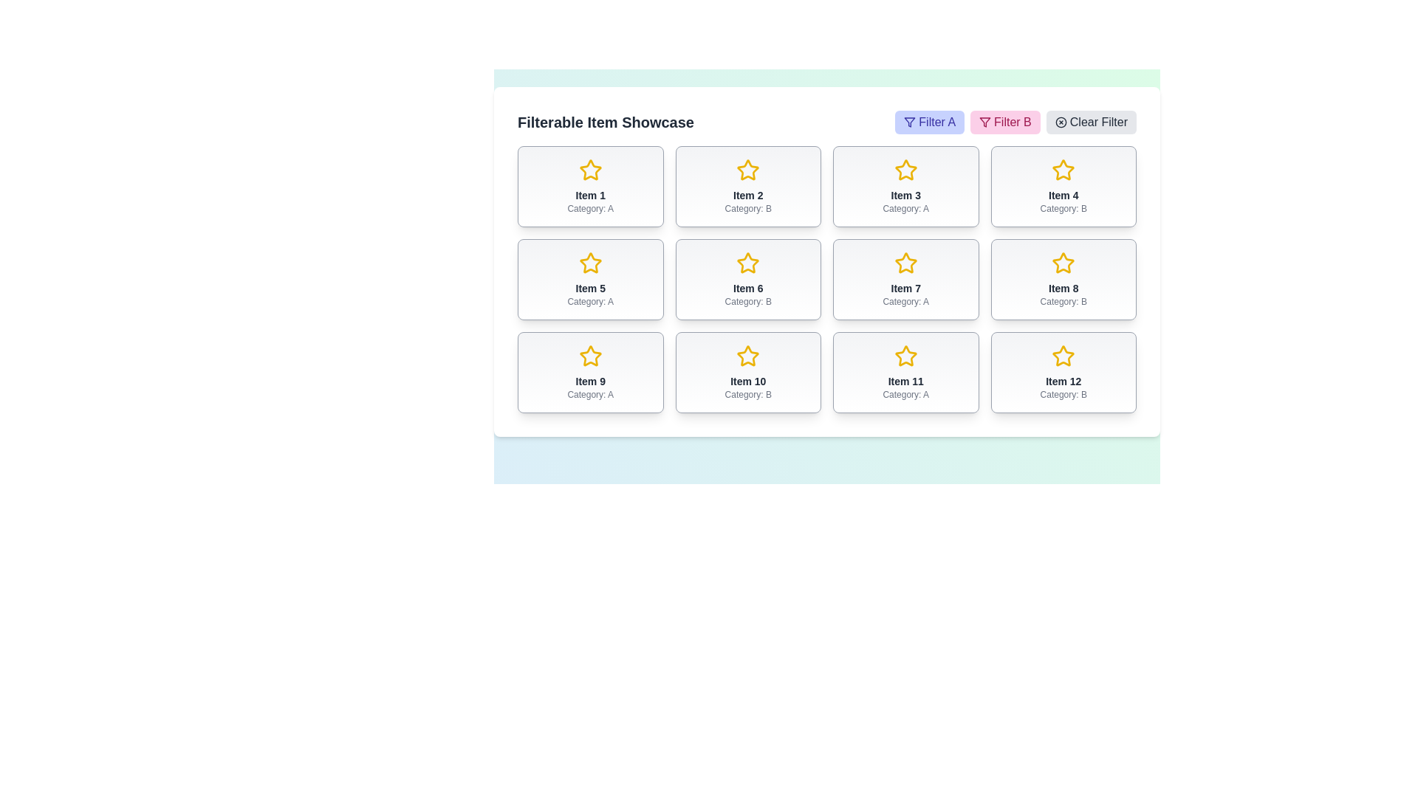  Describe the element at coordinates (905, 170) in the screenshot. I see `the star icon located at the top of the 'Item 3' card to rate or select the associated item` at that location.